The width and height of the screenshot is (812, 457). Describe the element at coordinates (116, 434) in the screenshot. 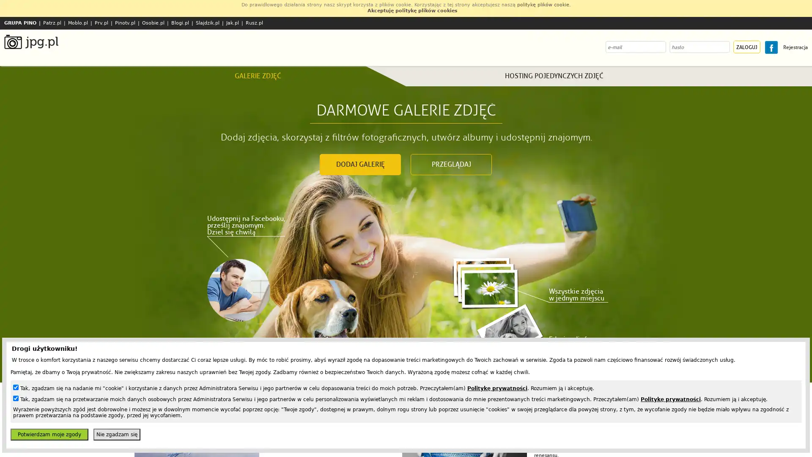

I see `Nie zgadzam sie` at that location.